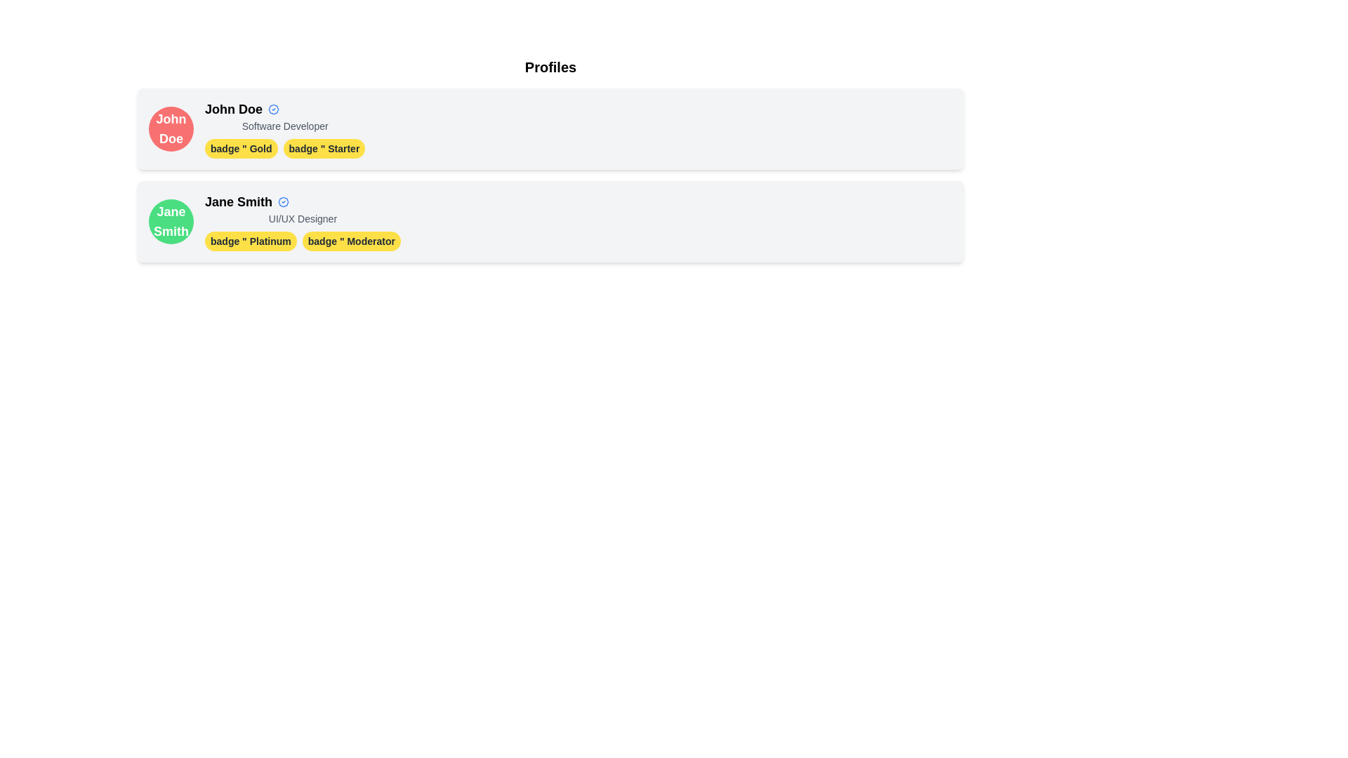  Describe the element at coordinates (273, 108) in the screenshot. I see `the decorative badge/icon located to the right of the text 'John Doe' in the first profile card for interaction` at that location.